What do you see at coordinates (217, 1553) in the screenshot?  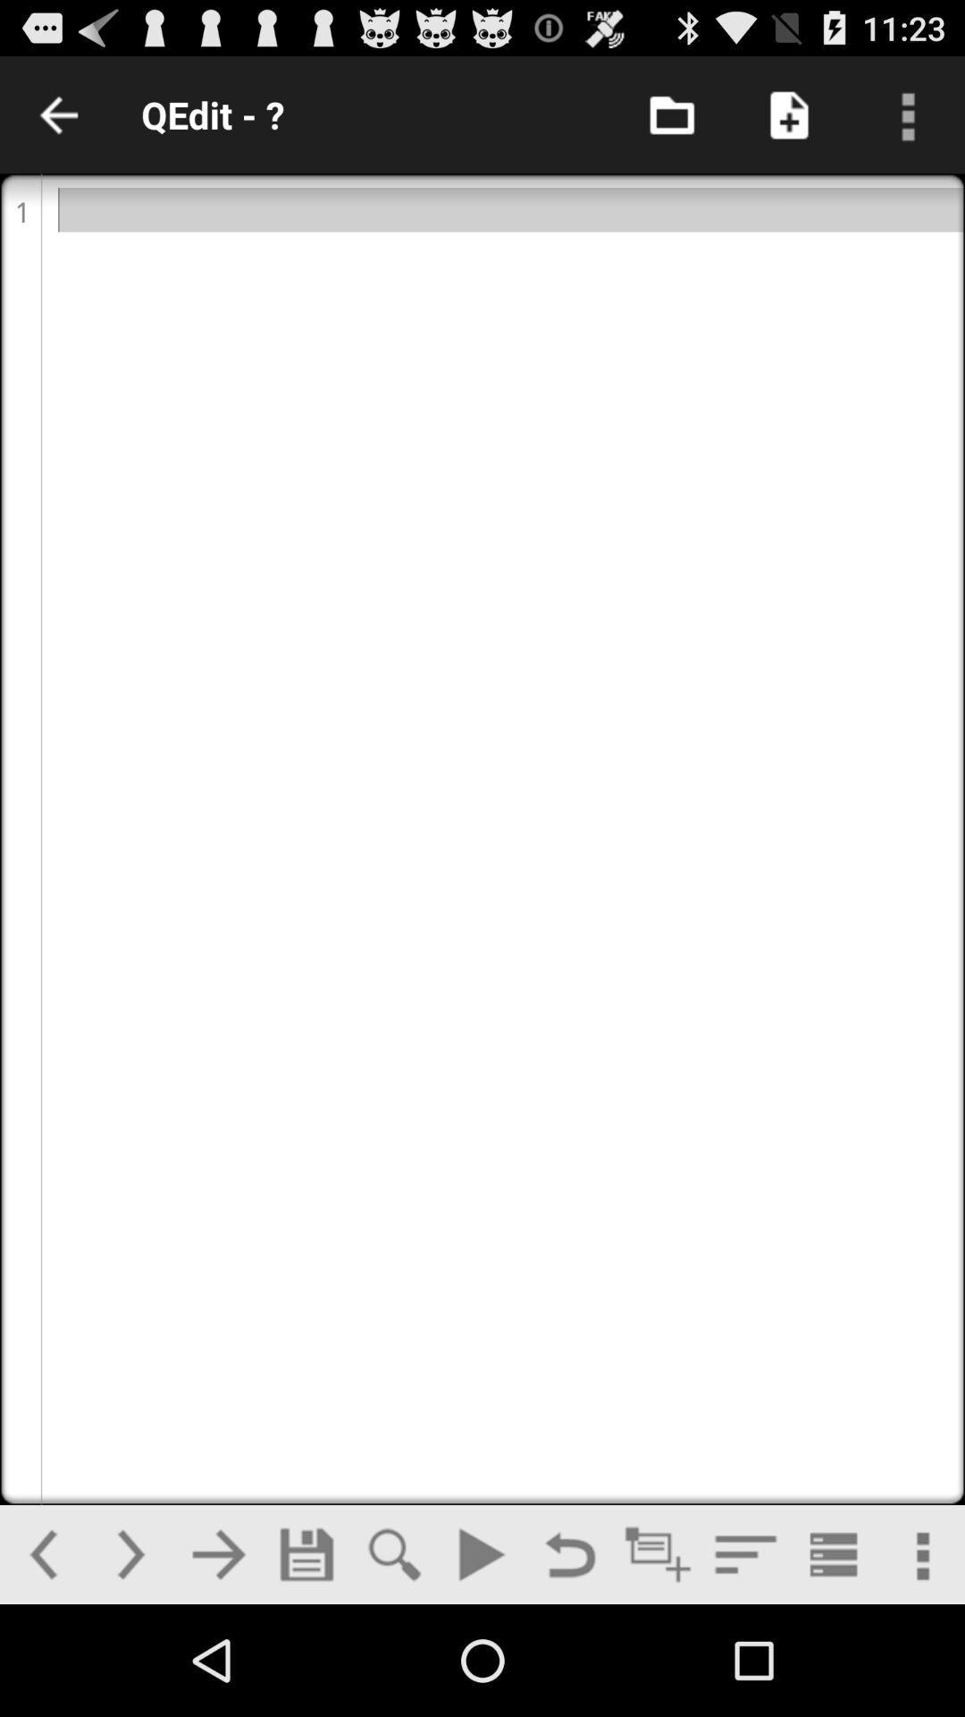 I see `another page` at bounding box center [217, 1553].